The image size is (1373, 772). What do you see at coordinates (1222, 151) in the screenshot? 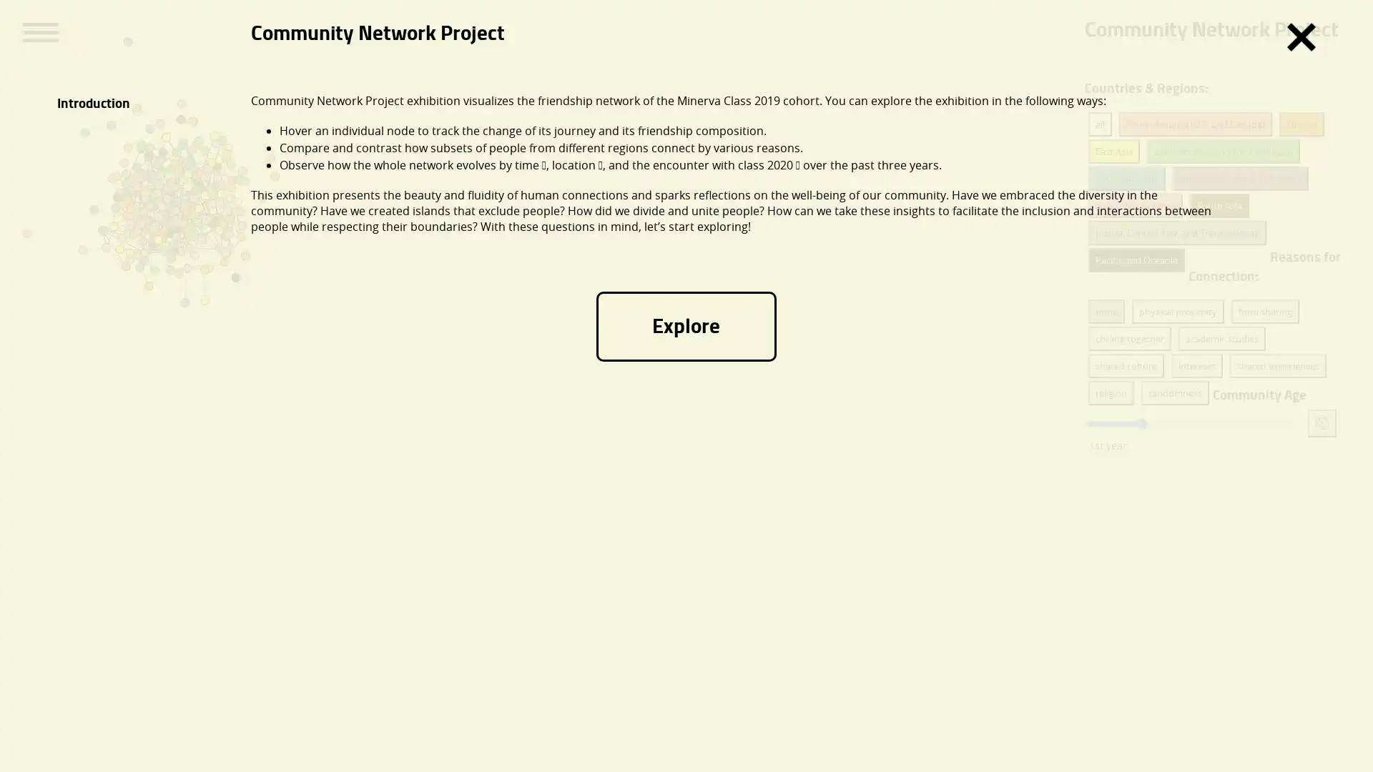
I see `Latin America and the Caribbean` at bounding box center [1222, 151].